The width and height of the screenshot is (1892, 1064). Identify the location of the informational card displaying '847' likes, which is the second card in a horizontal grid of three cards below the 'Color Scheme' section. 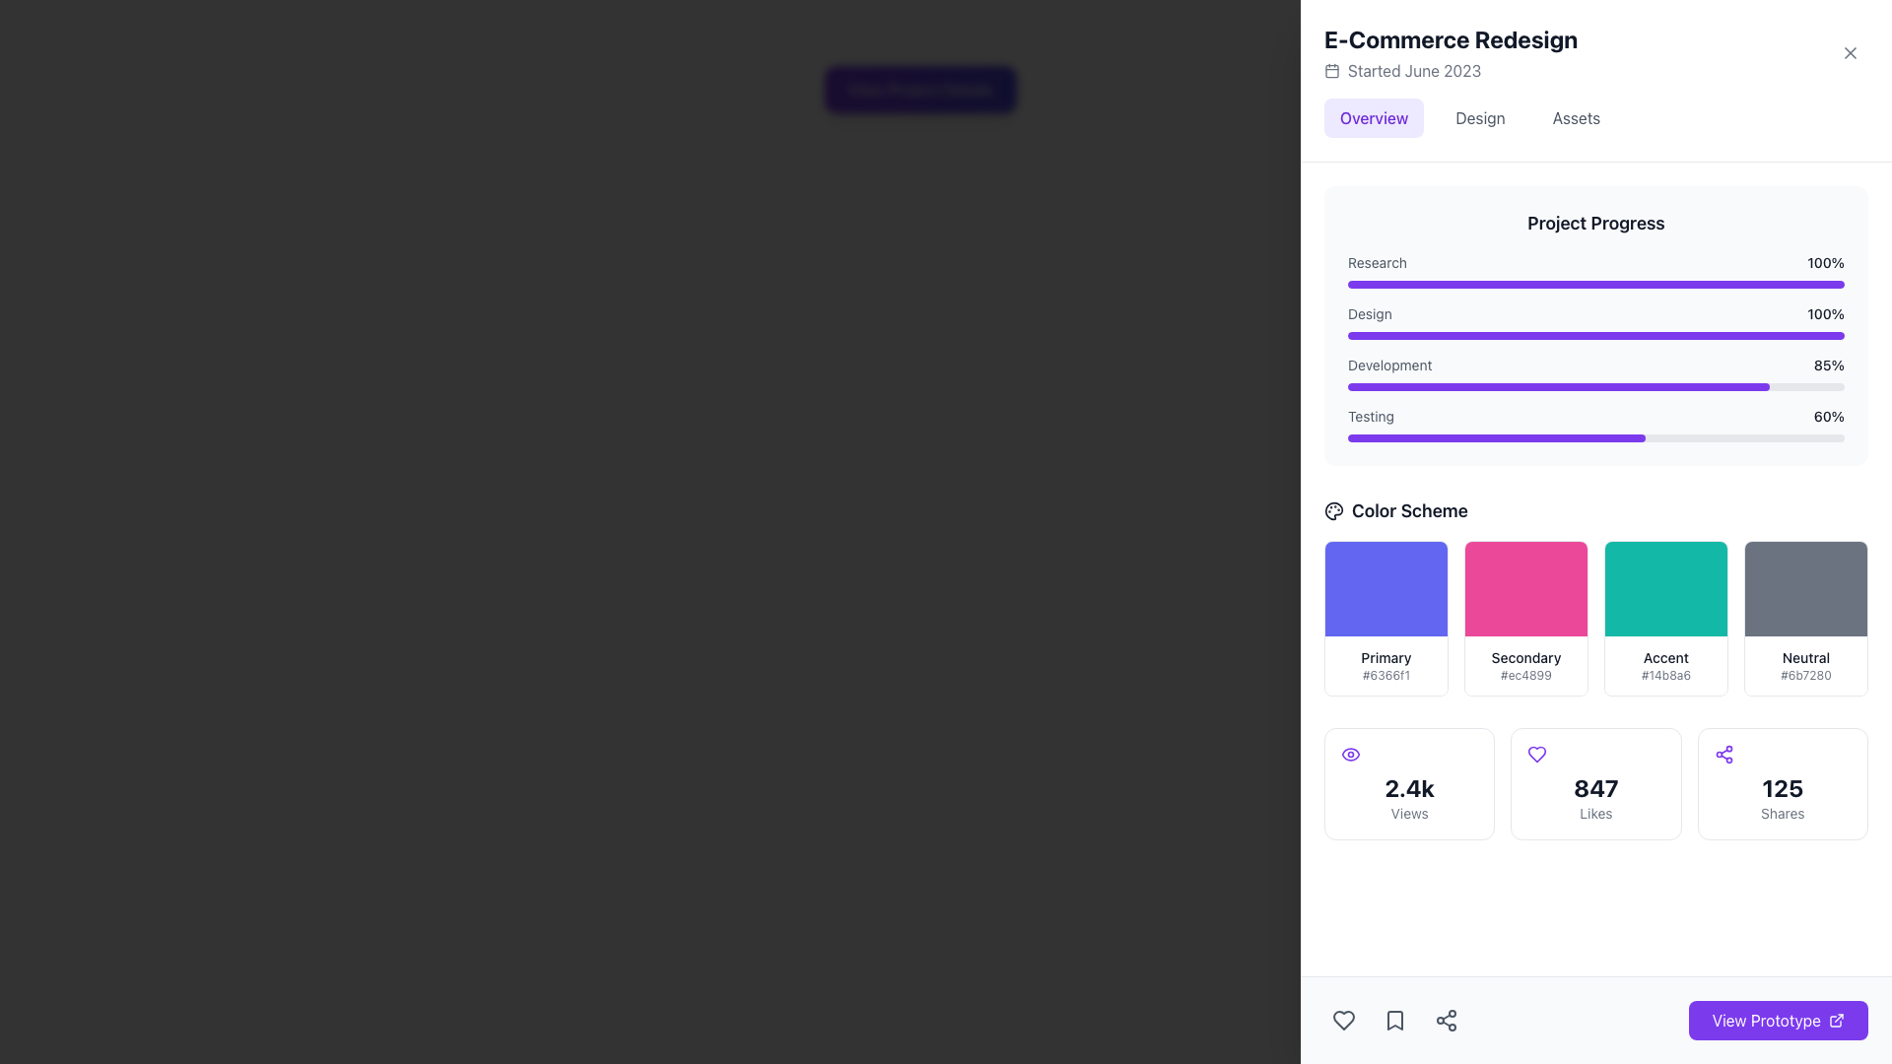
(1595, 782).